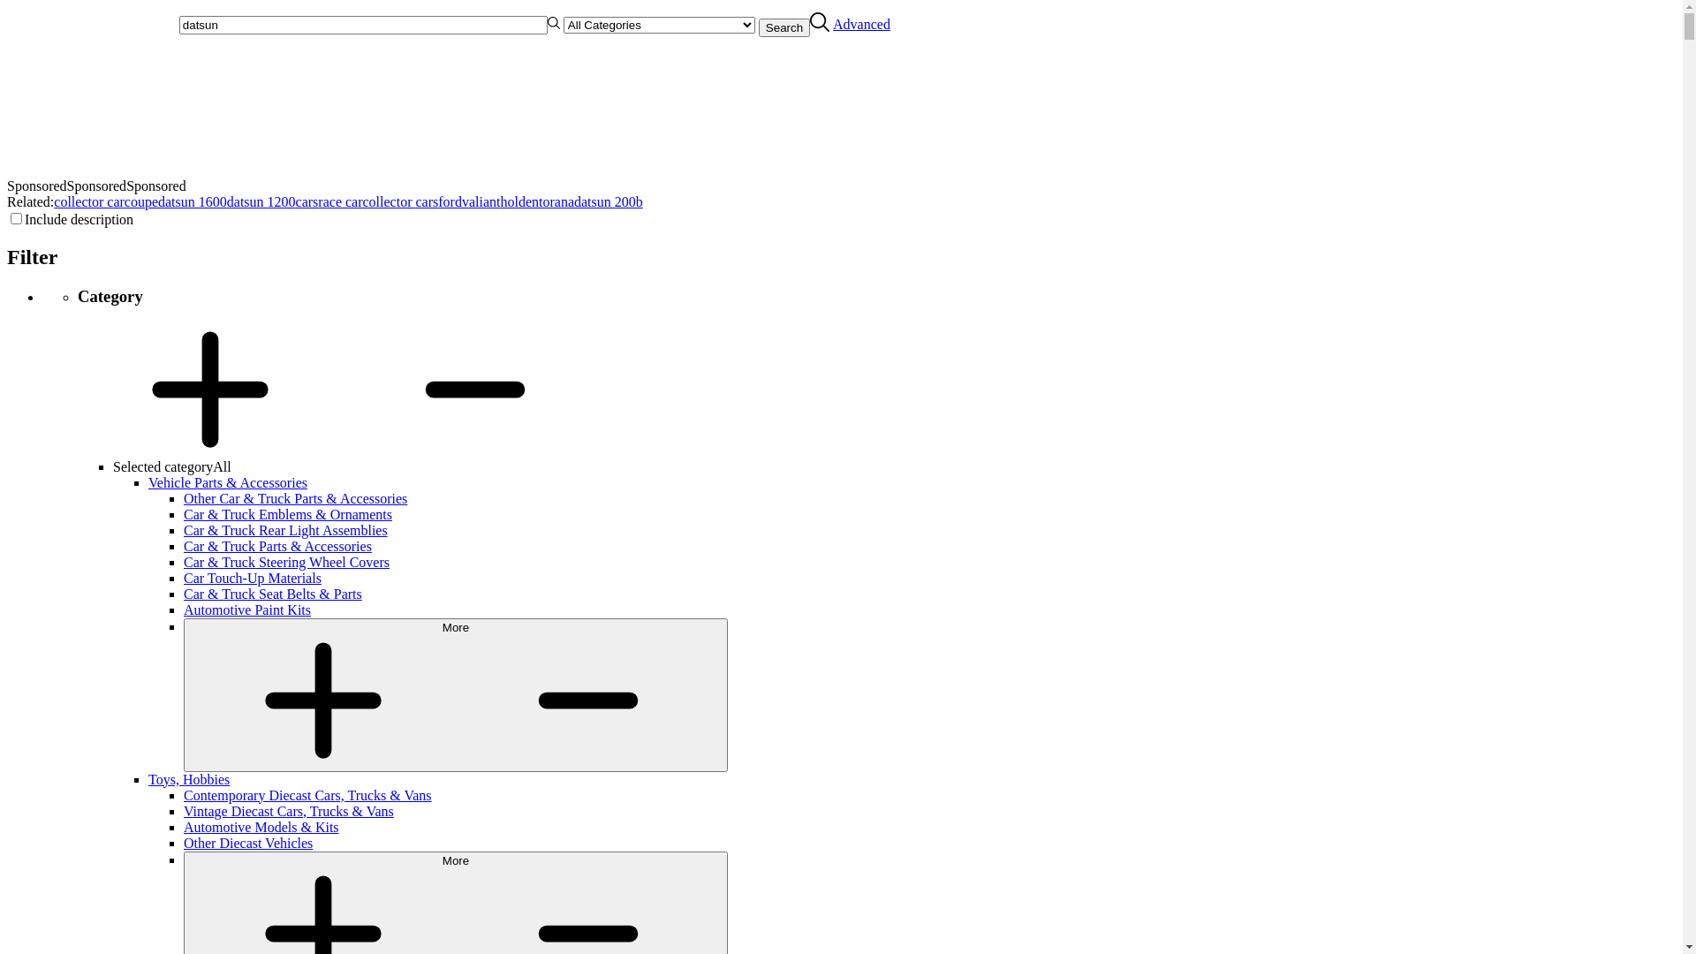 The image size is (1696, 954). I want to click on 'Vehicle Parts & Accessories', so click(227, 482).